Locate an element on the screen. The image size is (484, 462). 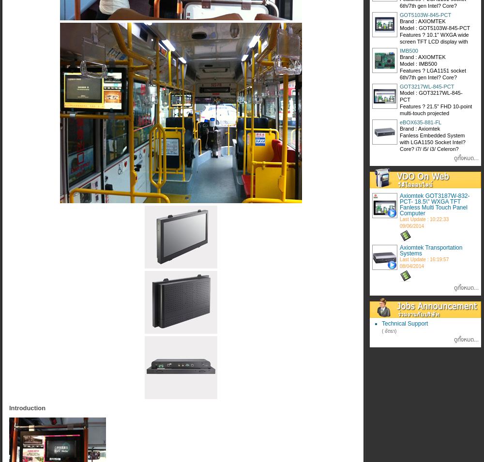
'Last Update : 17:06:44 19/04/2017' is located at coordinates (424, 83).